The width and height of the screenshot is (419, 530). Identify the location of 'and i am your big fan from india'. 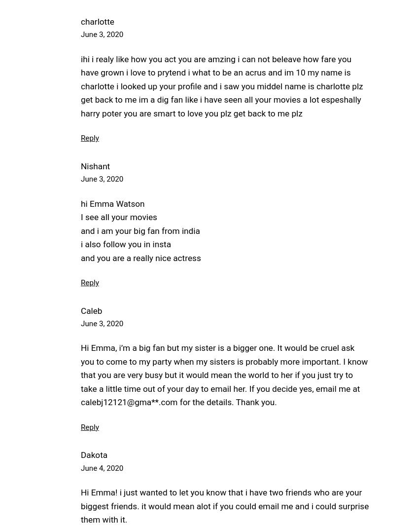
(140, 229).